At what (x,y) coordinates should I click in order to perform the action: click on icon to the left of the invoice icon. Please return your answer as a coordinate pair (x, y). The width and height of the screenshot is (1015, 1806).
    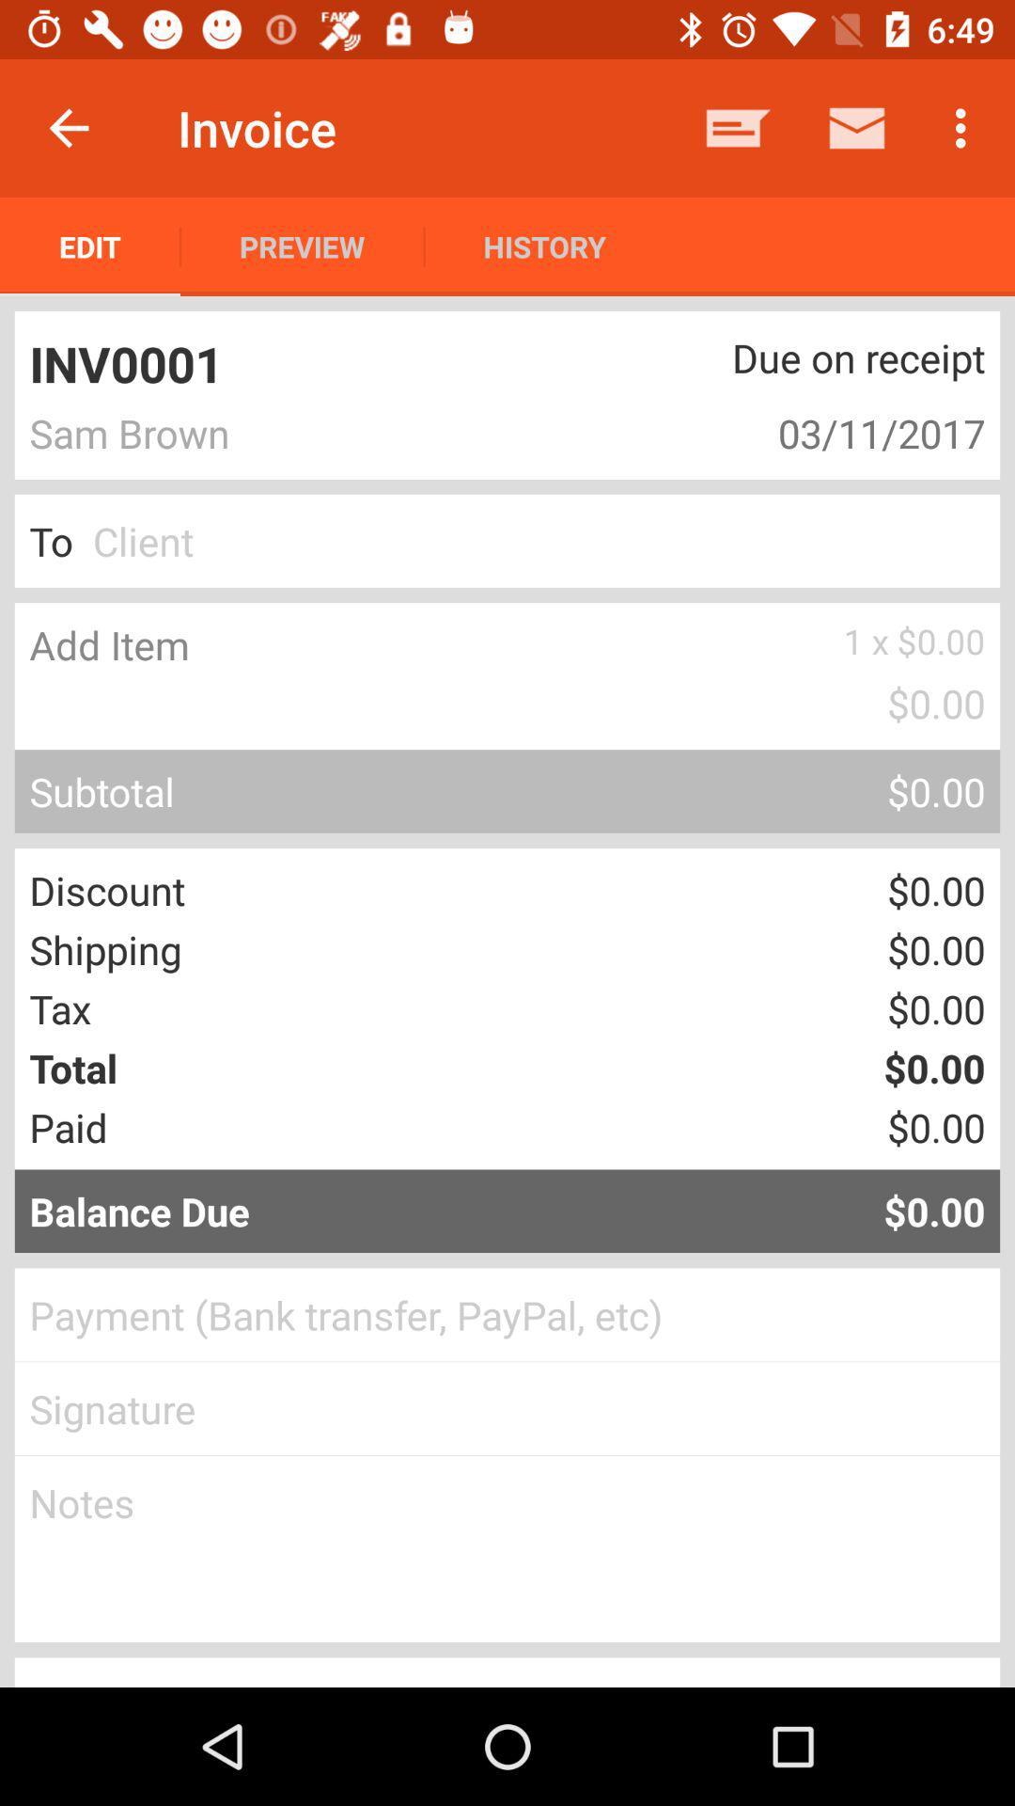
    Looking at the image, I should click on (68, 127).